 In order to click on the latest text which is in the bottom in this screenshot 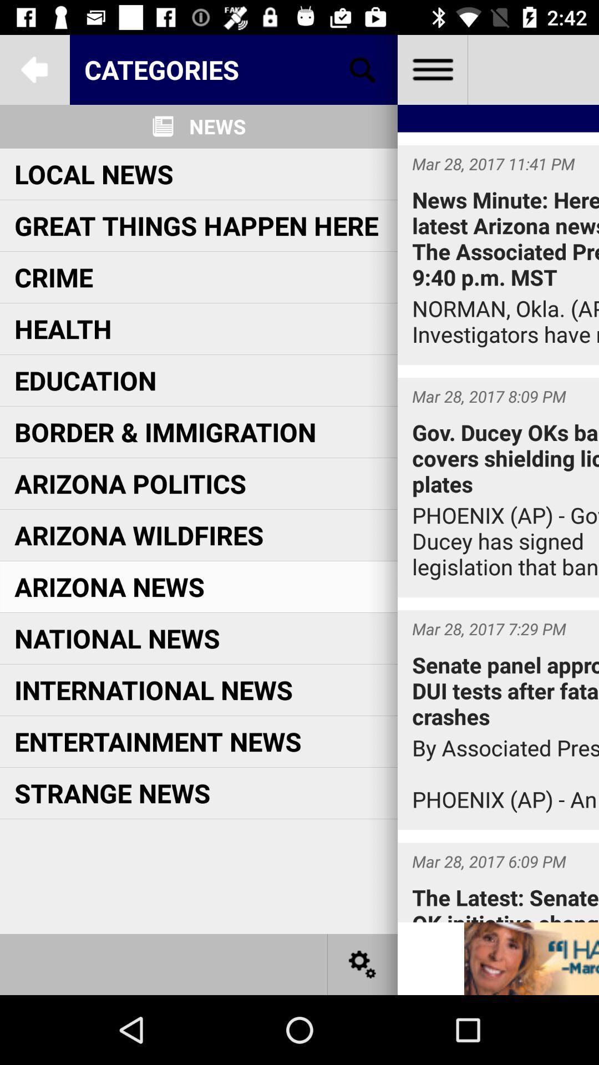, I will do `click(498, 882)`.